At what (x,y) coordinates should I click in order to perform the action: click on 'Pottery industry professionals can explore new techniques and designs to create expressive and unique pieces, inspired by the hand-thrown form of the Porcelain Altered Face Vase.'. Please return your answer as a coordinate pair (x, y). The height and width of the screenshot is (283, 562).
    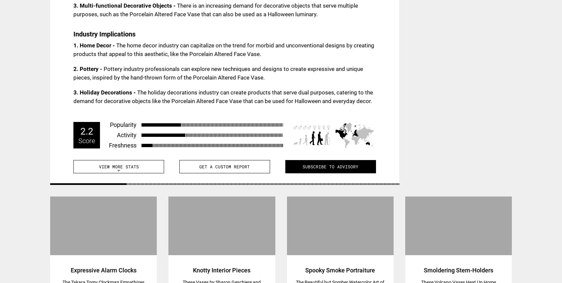
    Looking at the image, I should click on (73, 73).